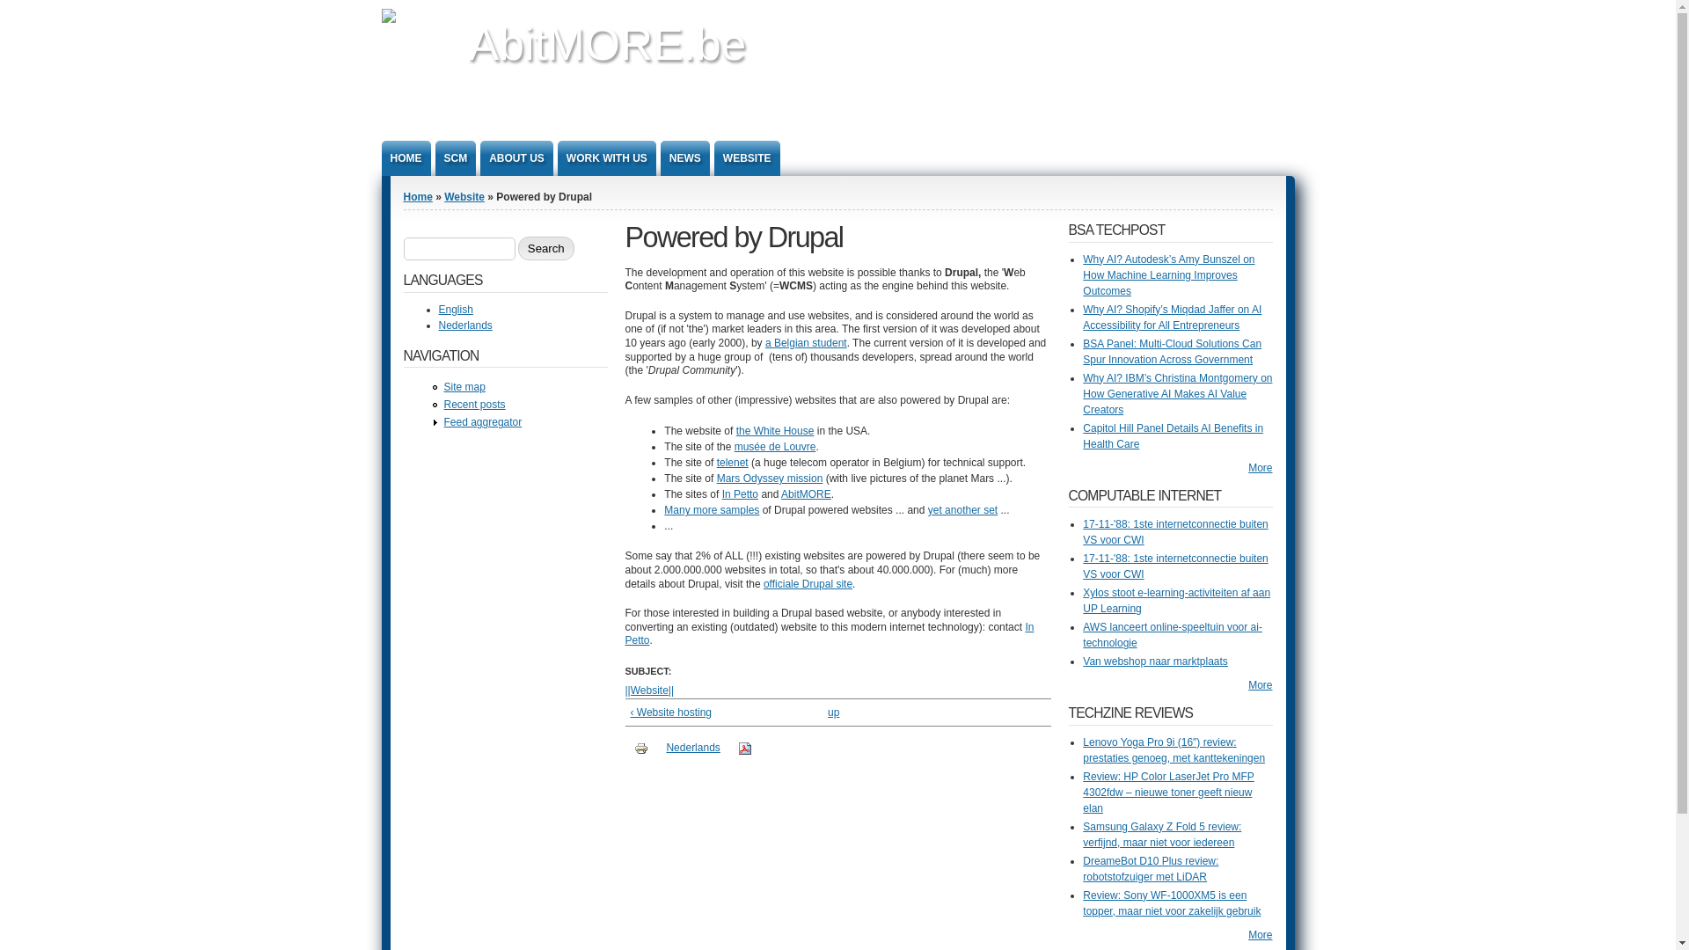 The height and width of the screenshot is (950, 1689). What do you see at coordinates (455, 308) in the screenshot?
I see `'English'` at bounding box center [455, 308].